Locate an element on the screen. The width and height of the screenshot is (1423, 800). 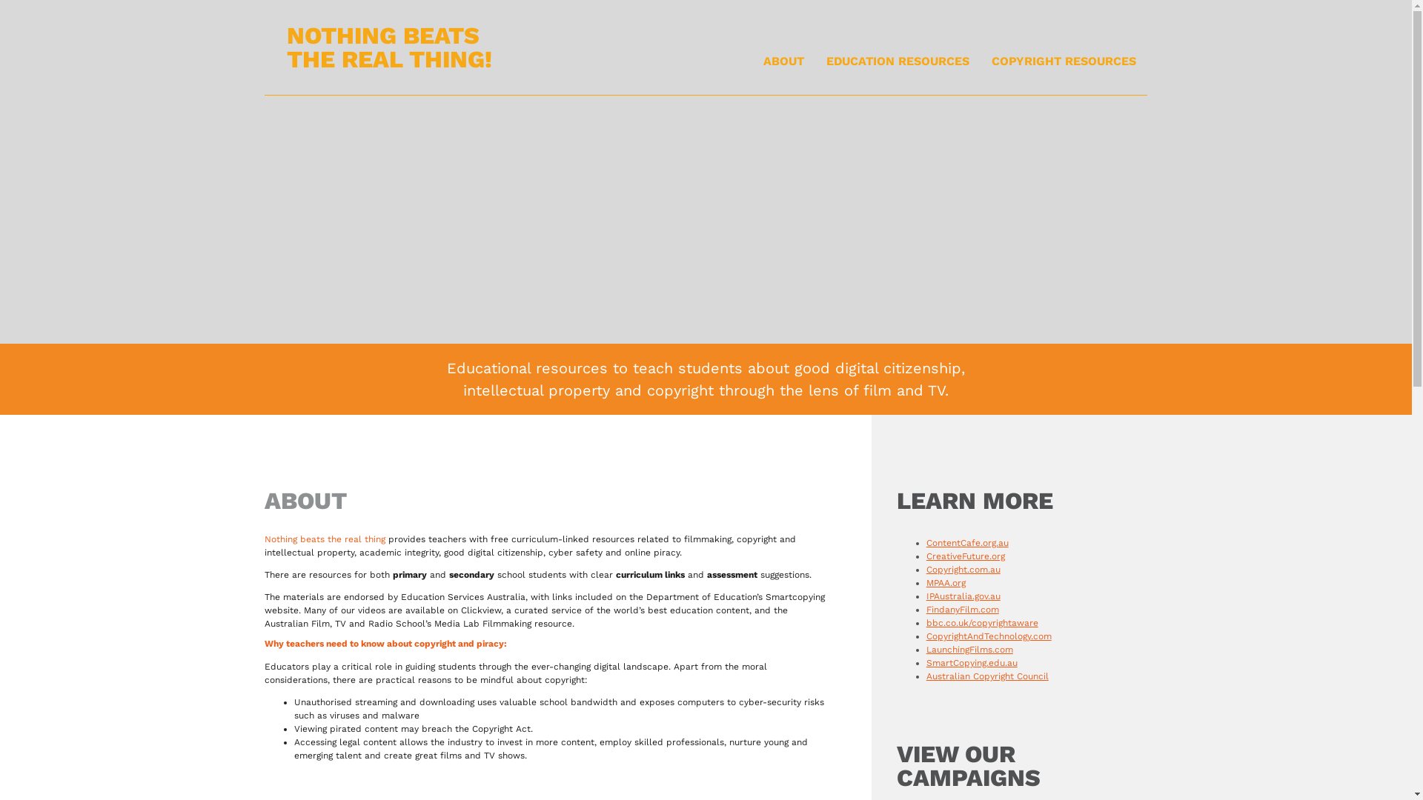
'CreativeFuture.org' is located at coordinates (965, 556).